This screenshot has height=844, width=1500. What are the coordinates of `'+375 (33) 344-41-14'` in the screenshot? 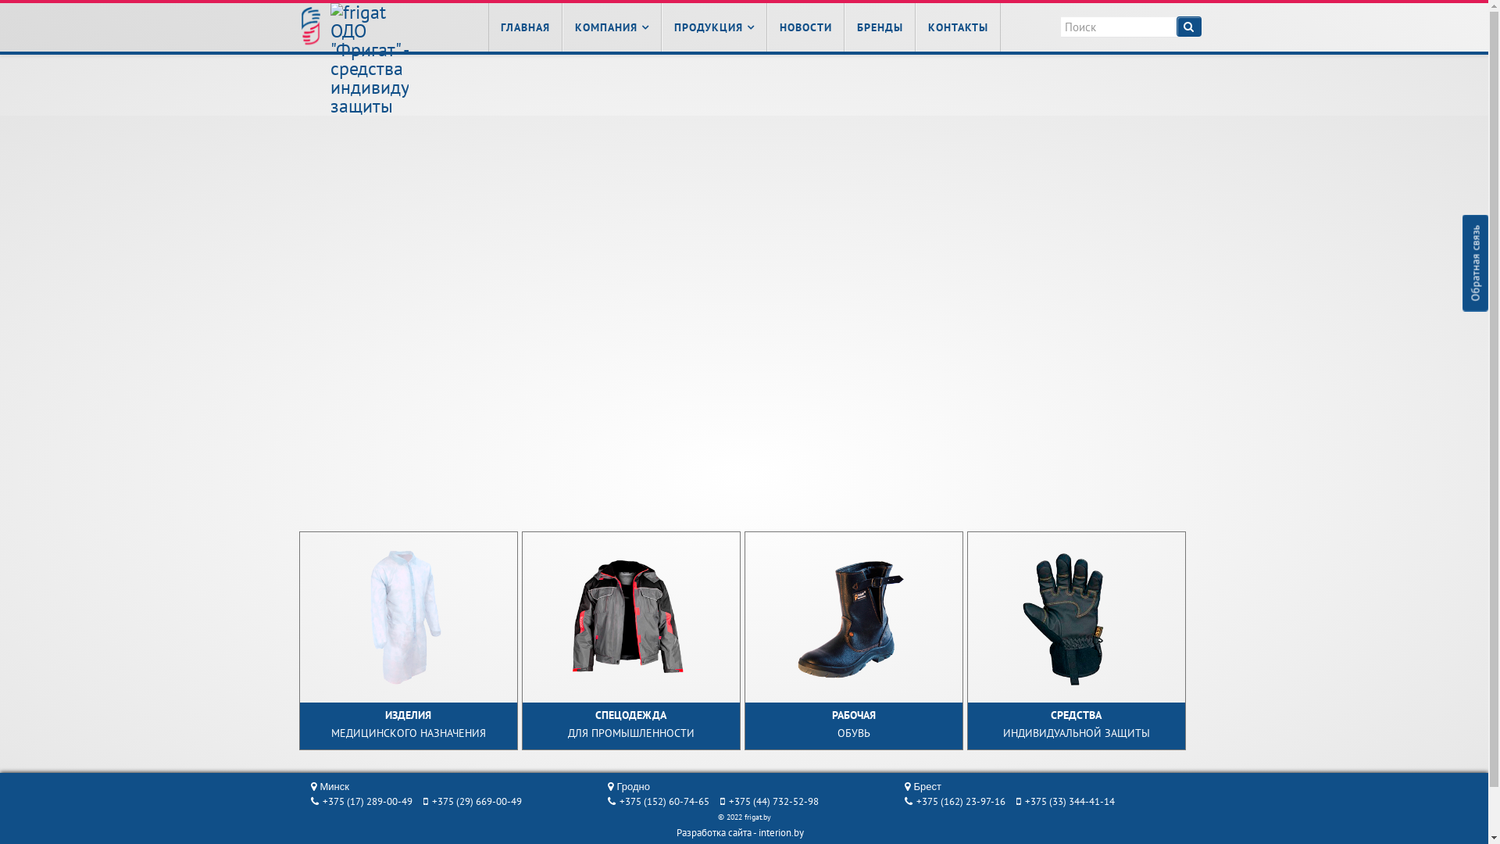 It's located at (1064, 801).